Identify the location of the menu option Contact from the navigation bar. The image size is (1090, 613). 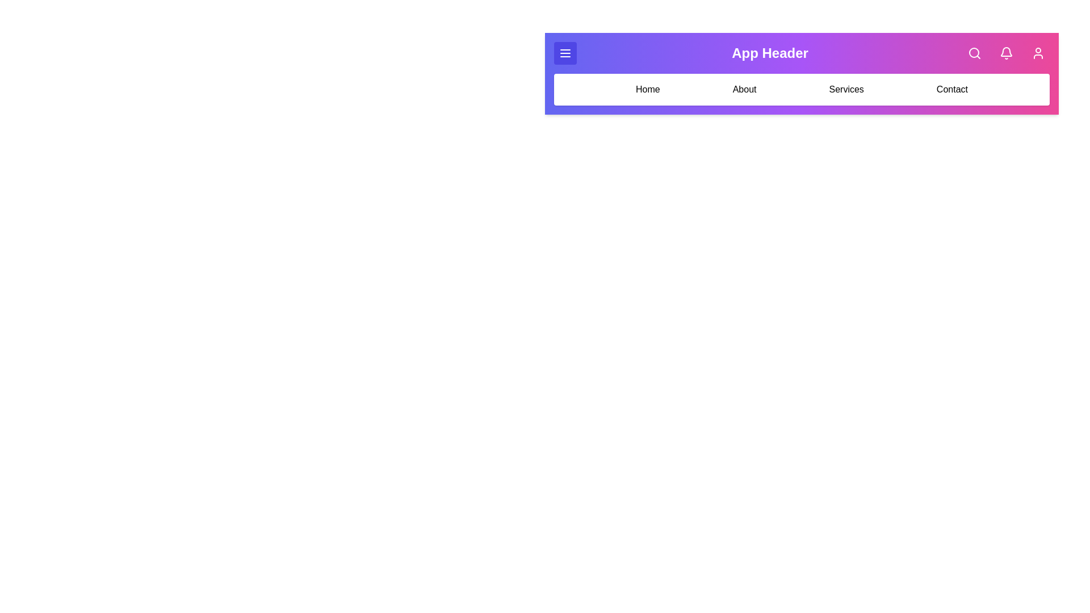
(951, 89).